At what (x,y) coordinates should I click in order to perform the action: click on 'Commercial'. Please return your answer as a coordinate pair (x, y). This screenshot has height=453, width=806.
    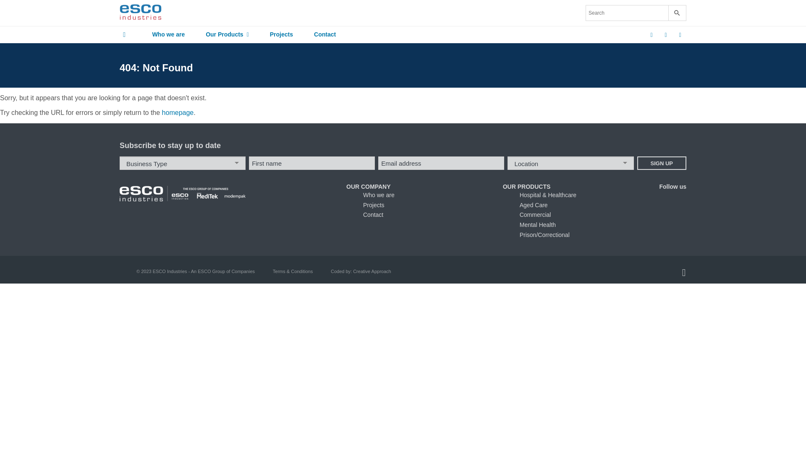
    Looking at the image, I should click on (519, 214).